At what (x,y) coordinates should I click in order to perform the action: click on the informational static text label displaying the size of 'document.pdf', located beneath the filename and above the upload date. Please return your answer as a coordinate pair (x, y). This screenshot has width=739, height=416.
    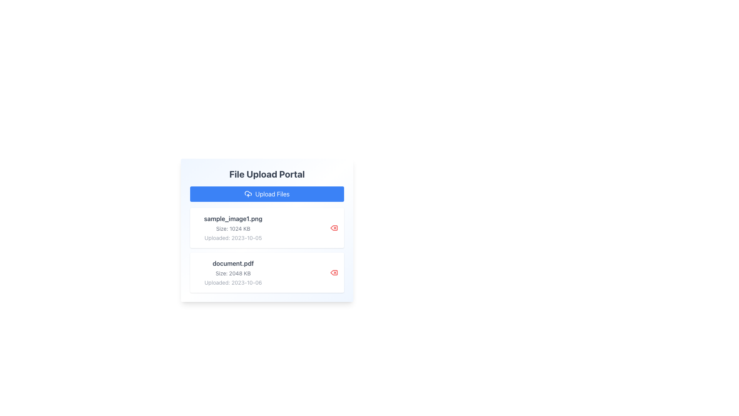
    Looking at the image, I should click on (232, 273).